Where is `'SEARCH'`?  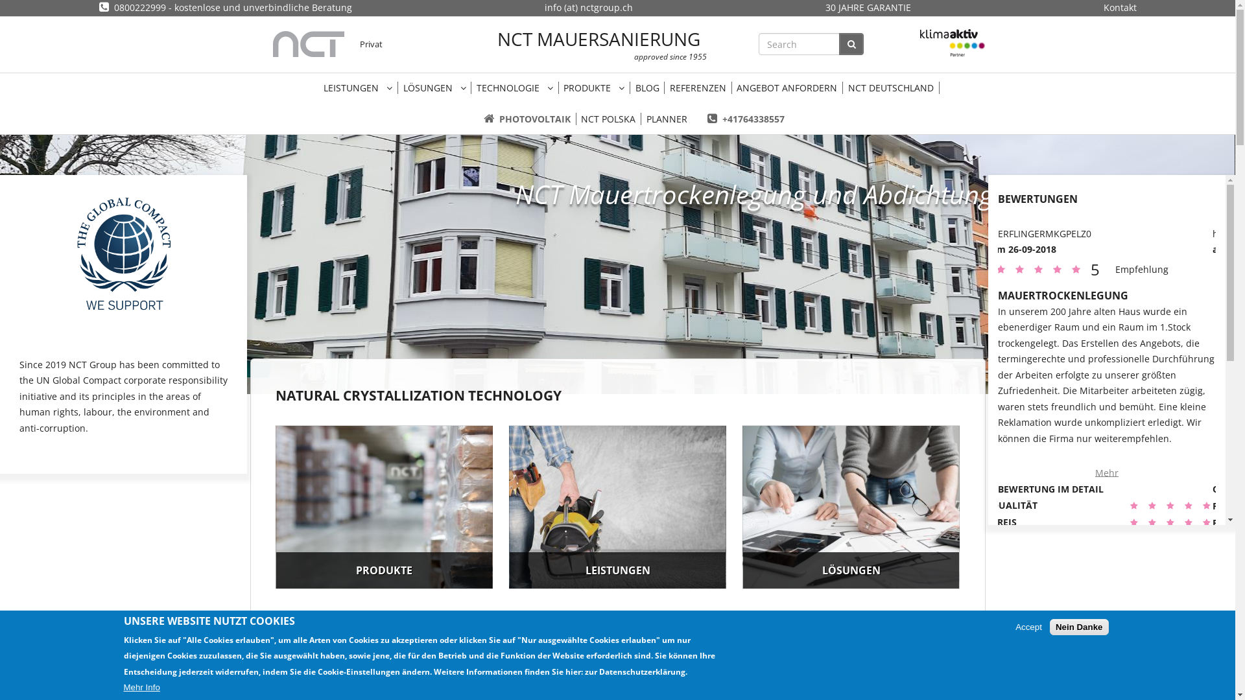 'SEARCH' is located at coordinates (851, 43).